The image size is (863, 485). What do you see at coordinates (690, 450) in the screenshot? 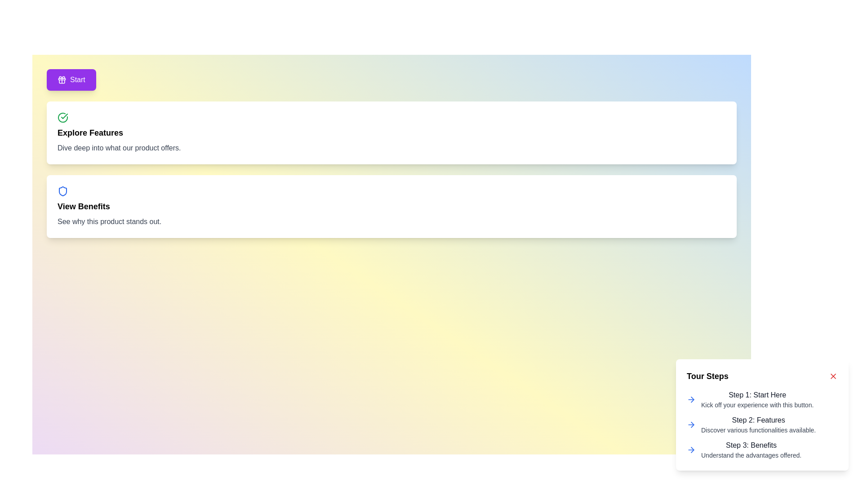
I see `the arrow icon indicating 'Step 3' located to the left of the text 'Step 3: Benefits' in the 'Tour Steps' section` at bounding box center [690, 450].